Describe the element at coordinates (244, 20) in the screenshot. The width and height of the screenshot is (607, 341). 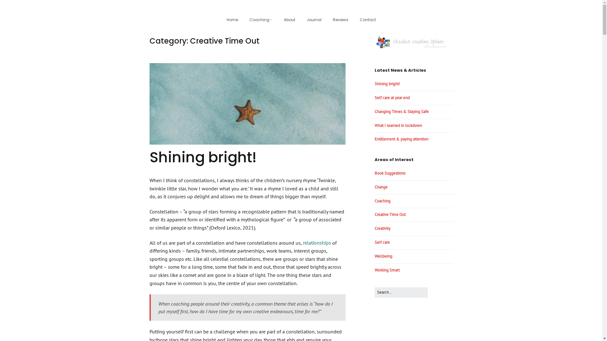
I see `'Coaching'` at that location.